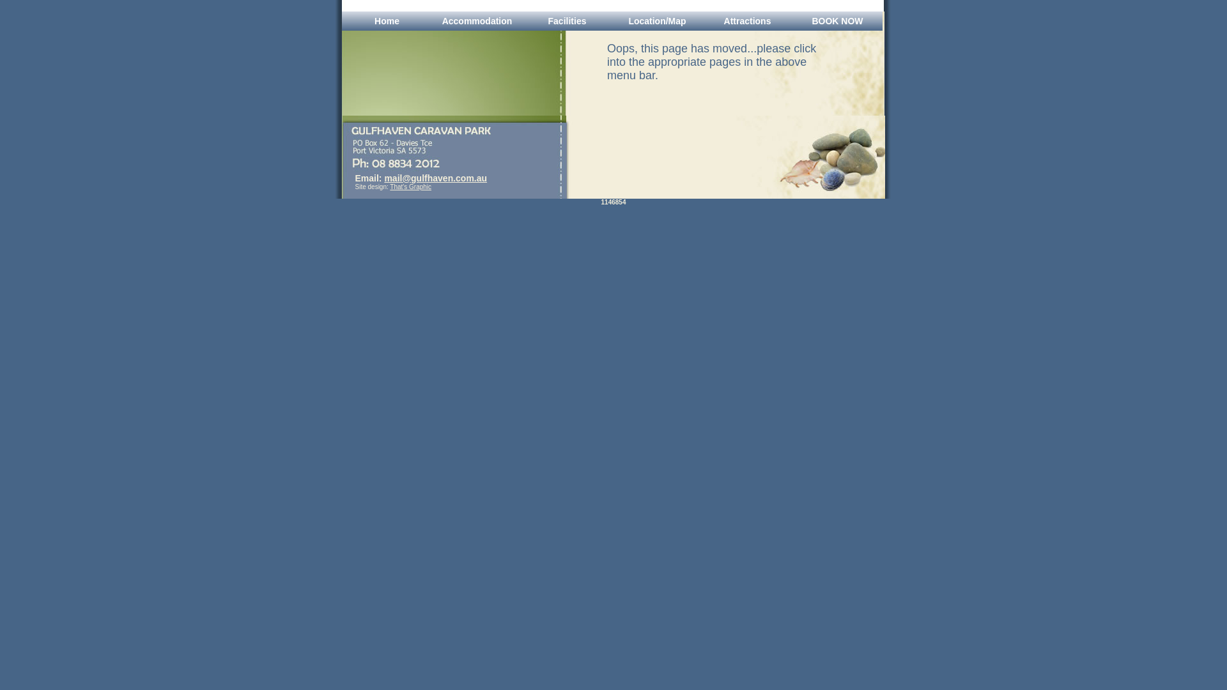 The width and height of the screenshot is (1227, 690). What do you see at coordinates (837, 21) in the screenshot?
I see `'BOOK NOW'` at bounding box center [837, 21].